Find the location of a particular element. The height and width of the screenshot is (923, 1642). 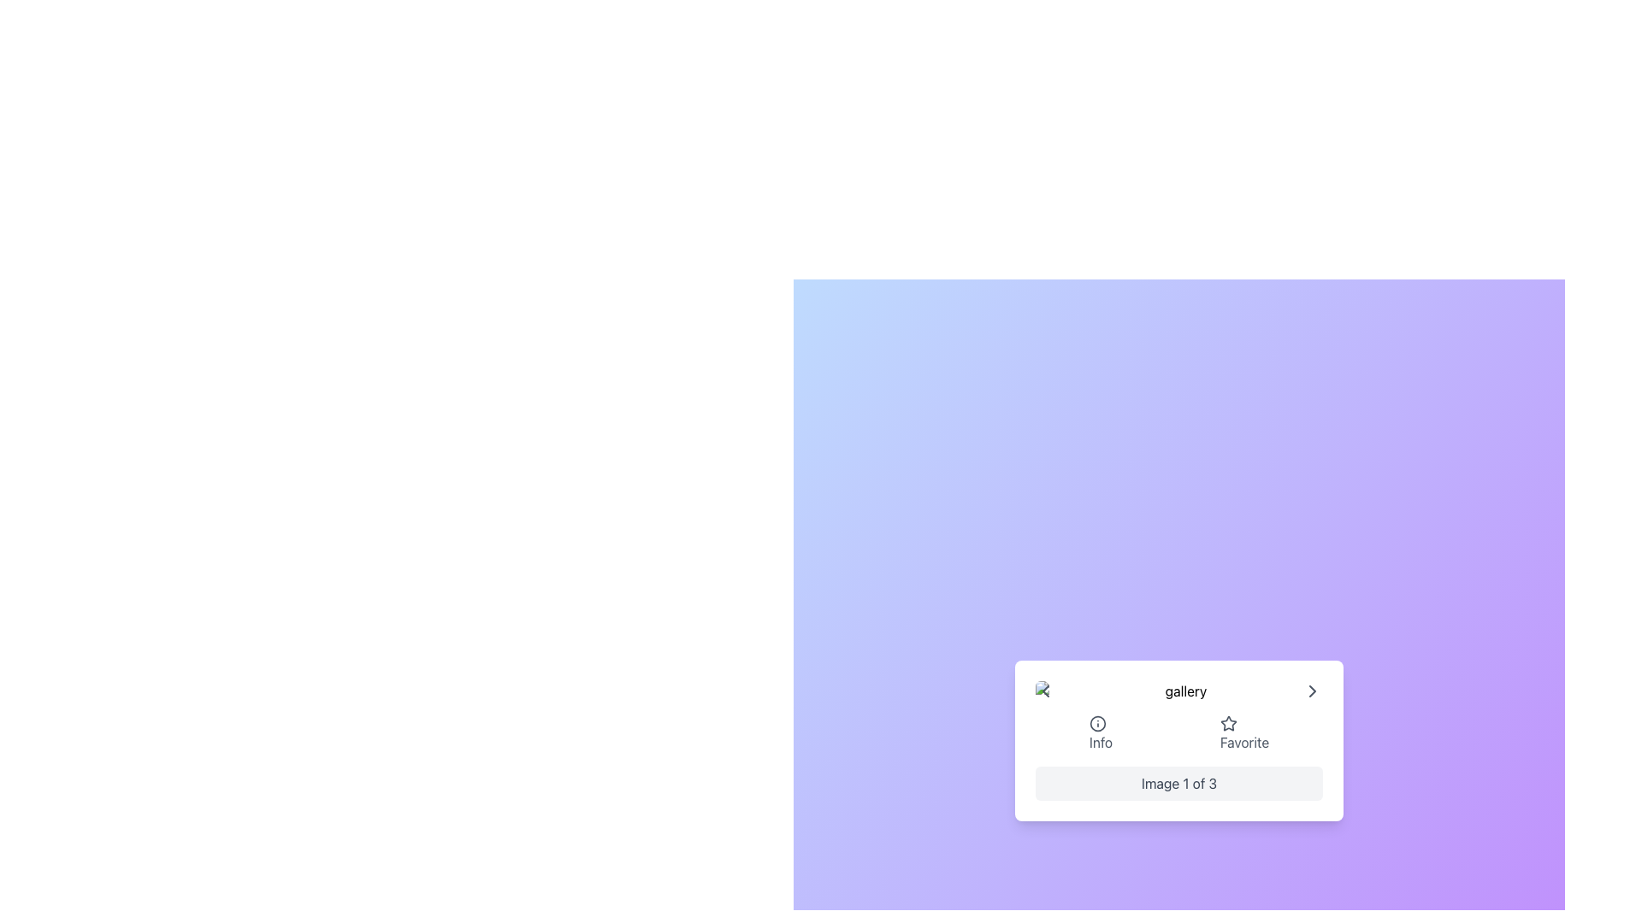

the navigation button located at the far left of the gallery to change its color is located at coordinates (1045, 691).